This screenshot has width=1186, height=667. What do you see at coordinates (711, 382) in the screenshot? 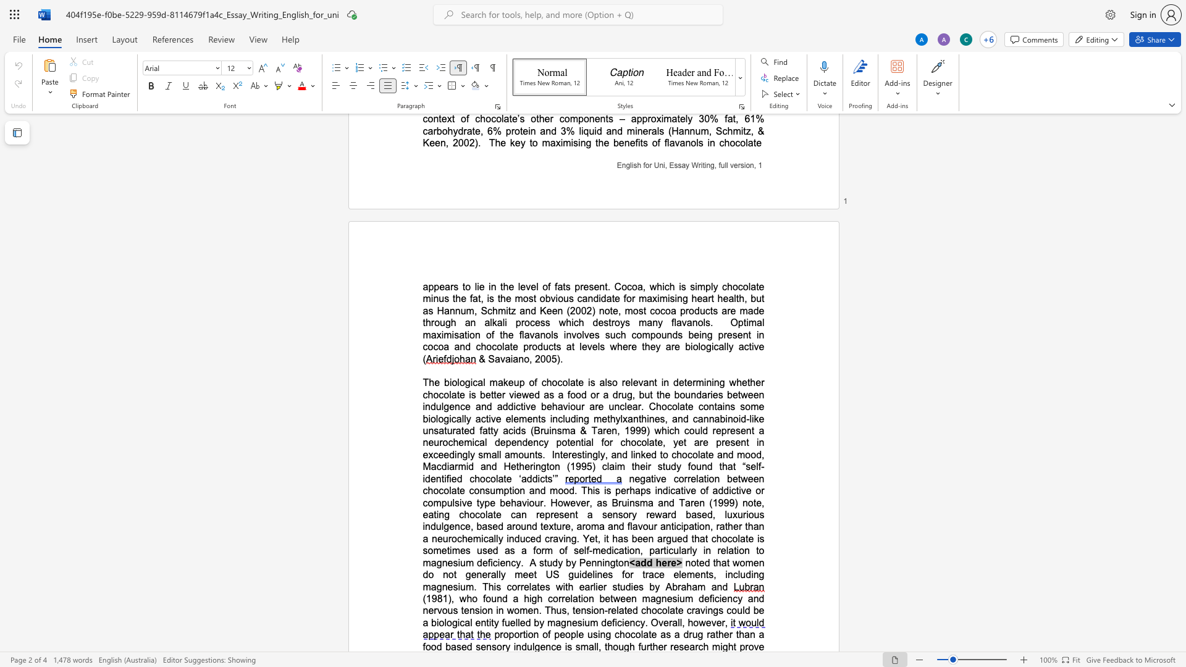
I see `the space between the continuous character "n" and "i" in the text` at bounding box center [711, 382].